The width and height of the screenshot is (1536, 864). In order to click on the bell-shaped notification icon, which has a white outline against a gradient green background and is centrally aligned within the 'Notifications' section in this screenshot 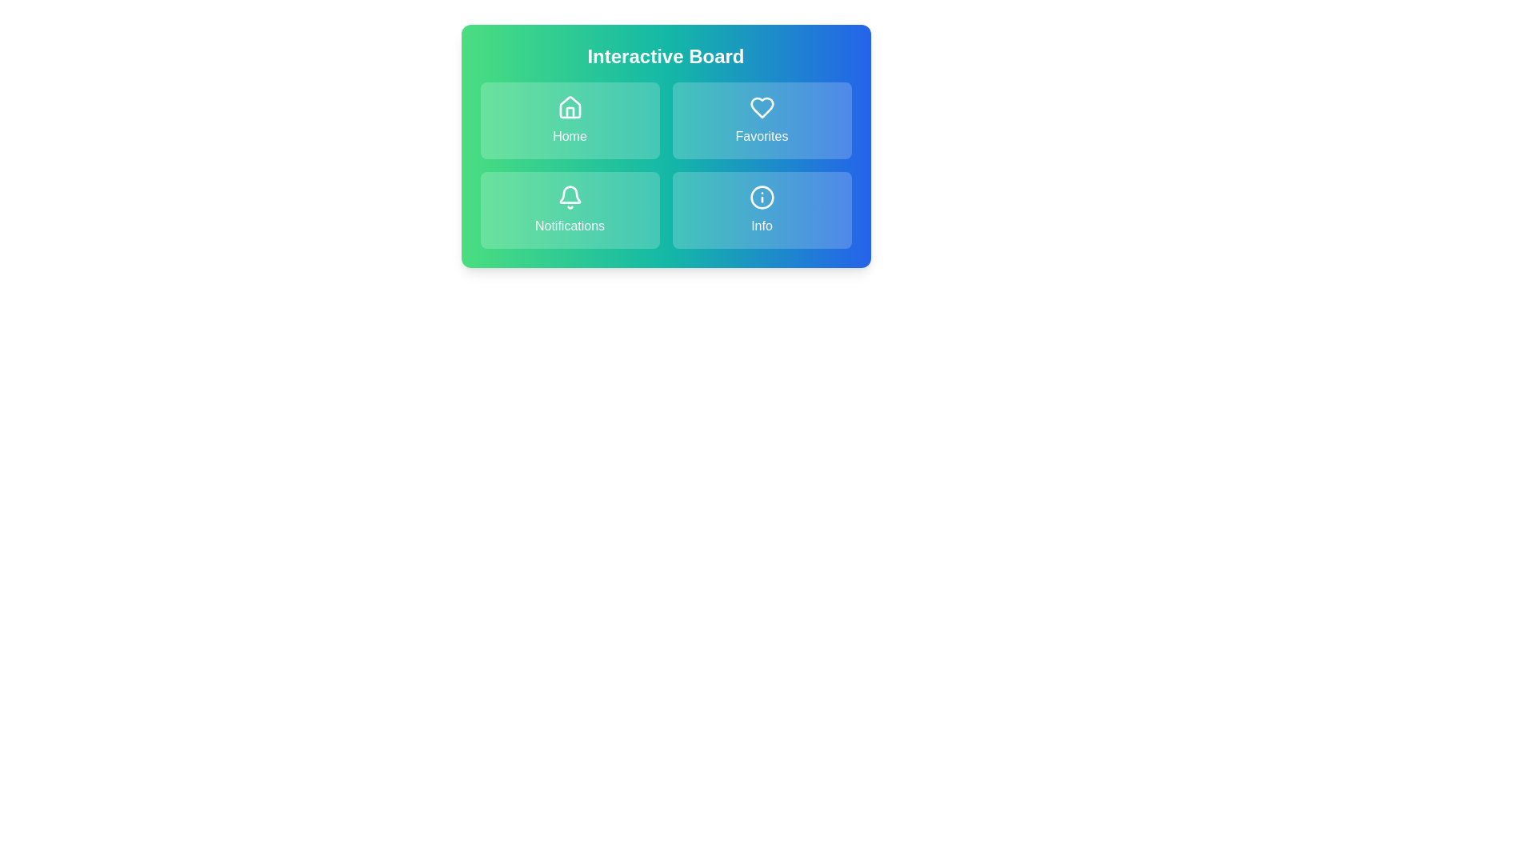, I will do `click(570, 196)`.